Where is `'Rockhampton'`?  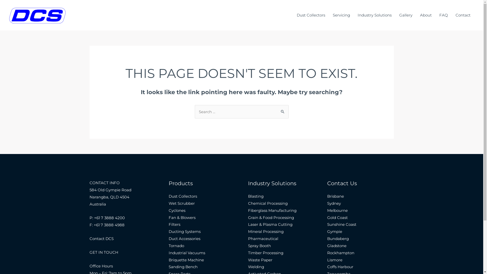 'Rockhampton' is located at coordinates (327, 253).